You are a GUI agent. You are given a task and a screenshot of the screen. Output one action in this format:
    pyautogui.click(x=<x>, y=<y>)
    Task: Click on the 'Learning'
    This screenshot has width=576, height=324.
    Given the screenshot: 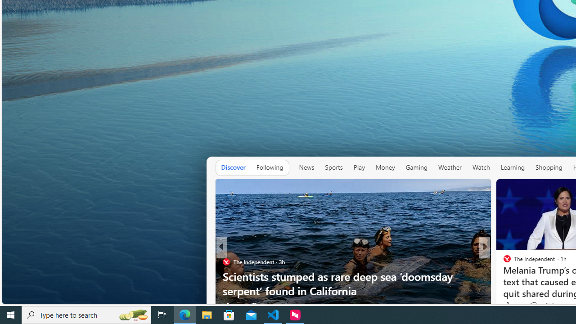 What is the action you would take?
    pyautogui.click(x=513, y=167)
    